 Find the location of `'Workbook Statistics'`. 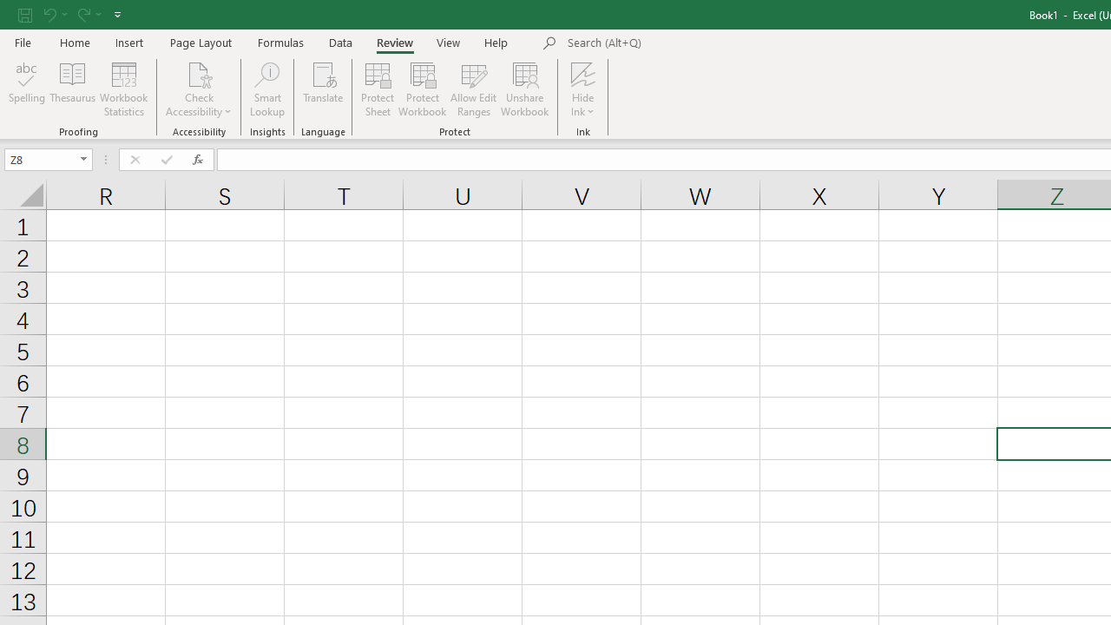

'Workbook Statistics' is located at coordinates (122, 89).